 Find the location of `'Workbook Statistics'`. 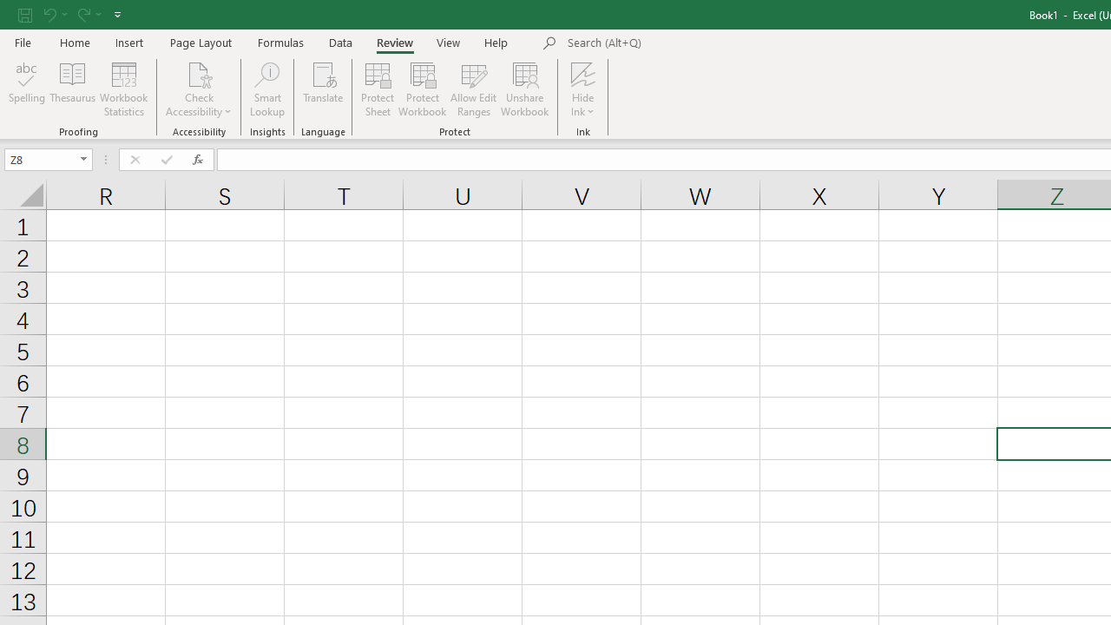

'Workbook Statistics' is located at coordinates (122, 89).